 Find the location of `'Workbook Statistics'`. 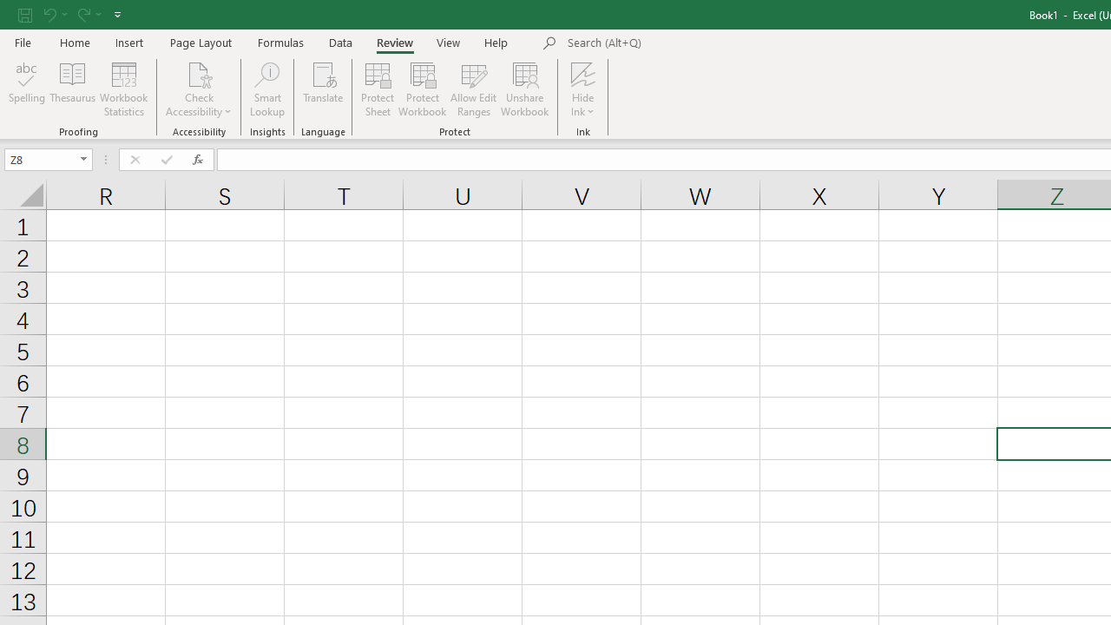

'Workbook Statistics' is located at coordinates (122, 89).